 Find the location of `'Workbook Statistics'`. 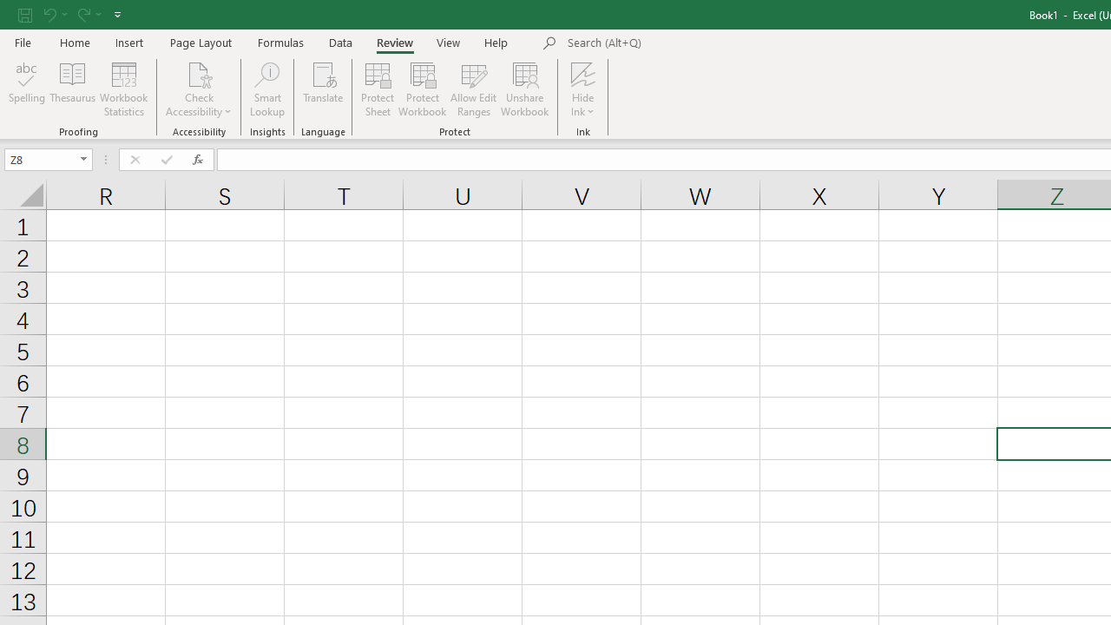

'Workbook Statistics' is located at coordinates (122, 89).